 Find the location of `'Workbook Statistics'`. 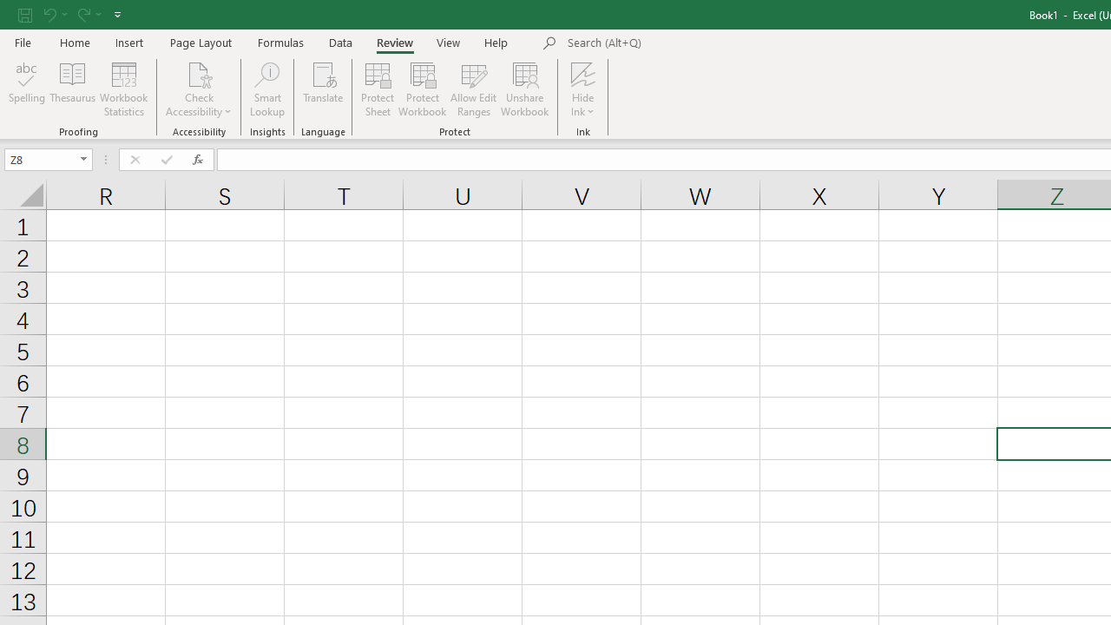

'Workbook Statistics' is located at coordinates (122, 89).